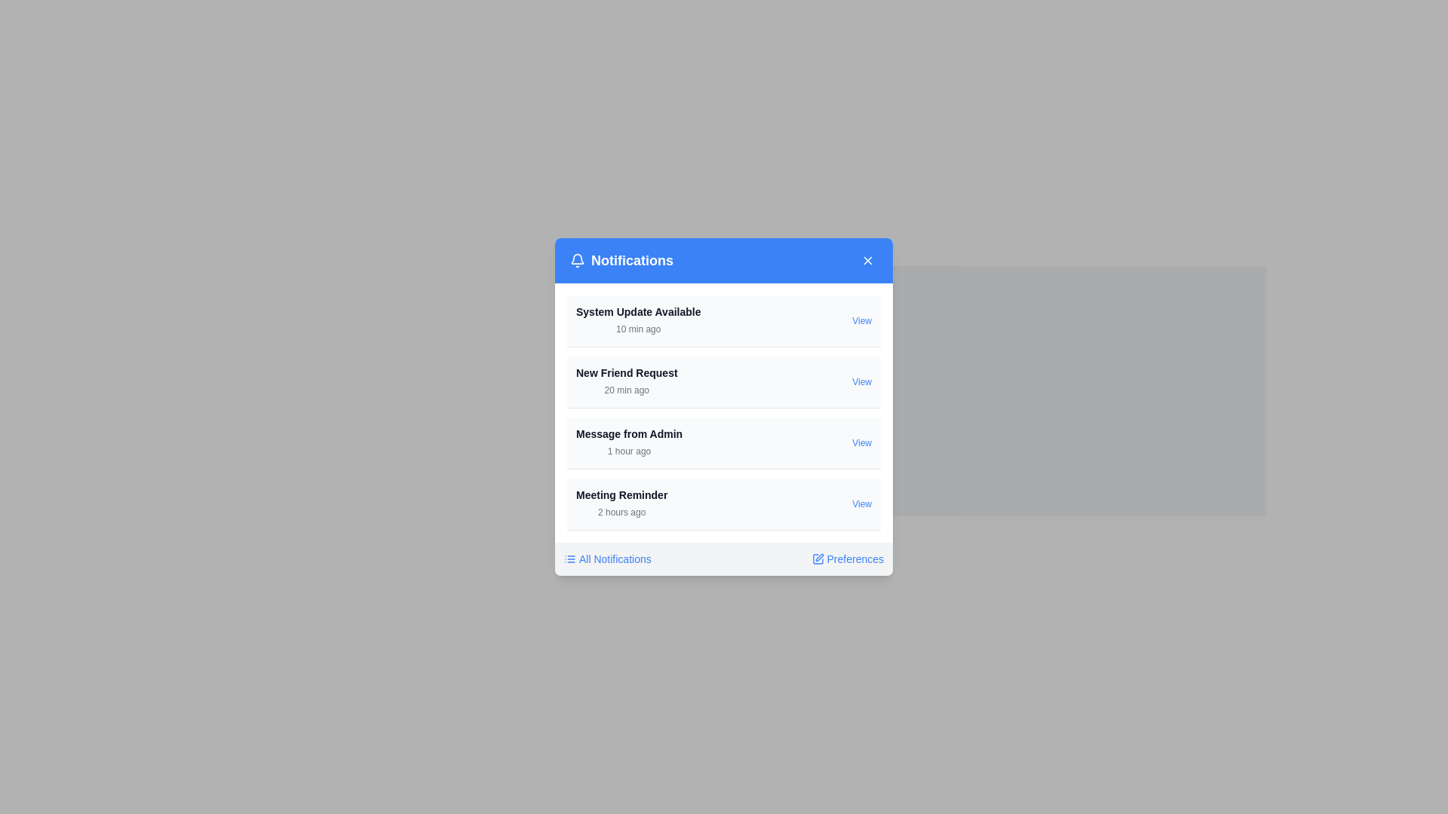  Describe the element at coordinates (868, 260) in the screenshot. I see `the close icon button located at the top-right corner of the Notifications pop-up header` at that location.